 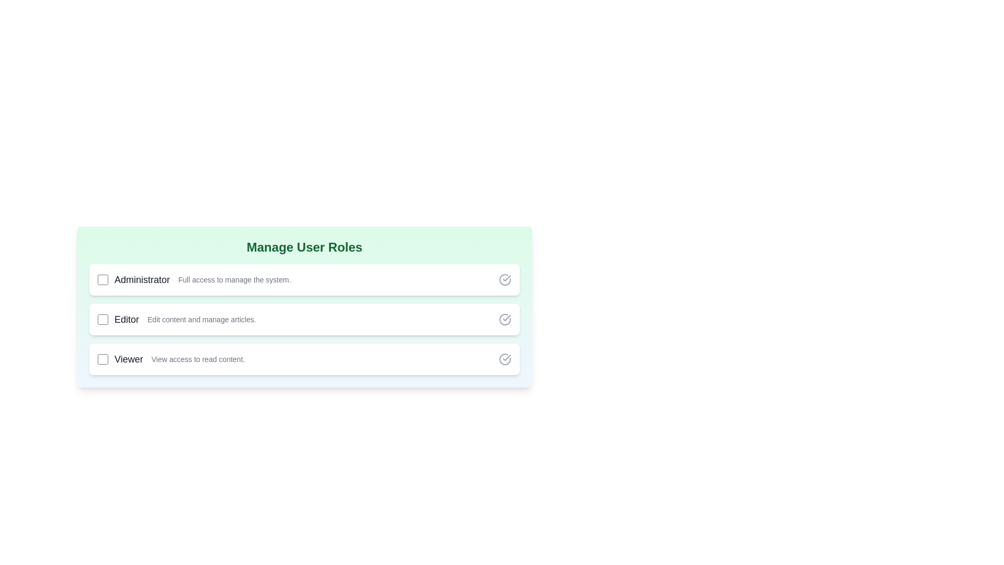 What do you see at coordinates (102, 279) in the screenshot?
I see `the role Administrator by clicking its checkbox` at bounding box center [102, 279].